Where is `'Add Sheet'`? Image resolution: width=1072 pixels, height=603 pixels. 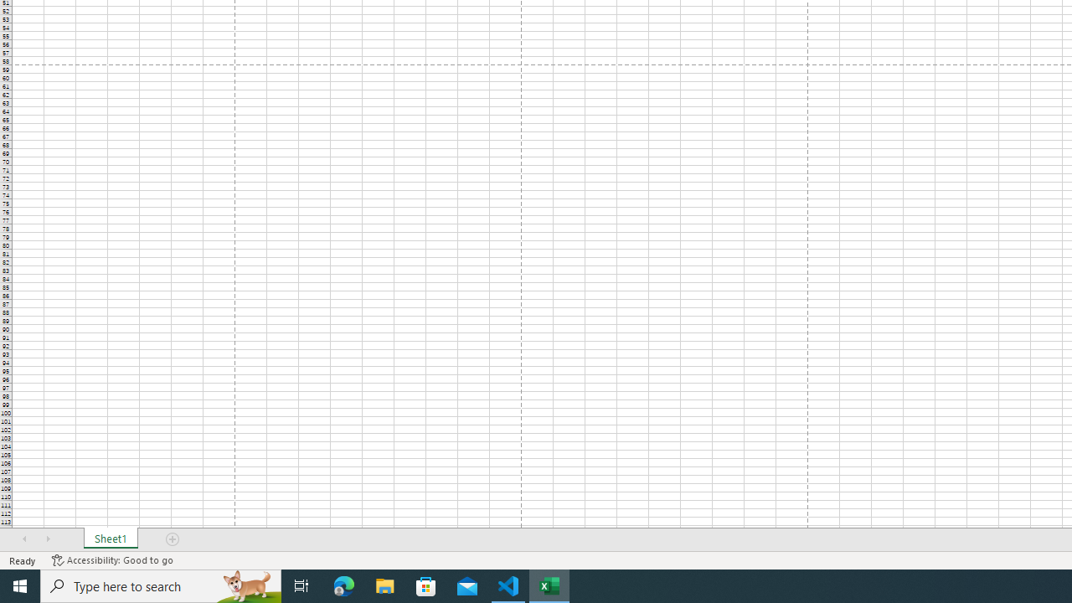
'Add Sheet' is located at coordinates (173, 539).